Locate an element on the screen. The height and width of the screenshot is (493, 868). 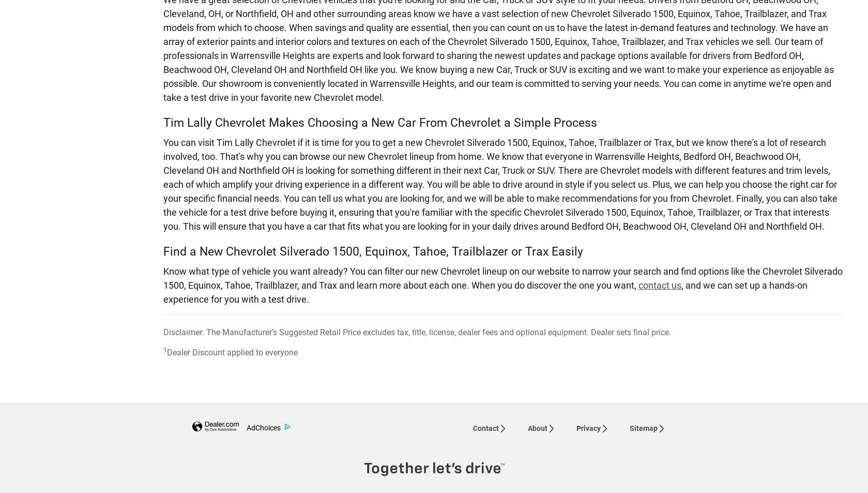
'Find a New Chevrolet Silverado 1500, Equinox, Tahoe, Trailblazer or Trax Easily' is located at coordinates (373, 250).